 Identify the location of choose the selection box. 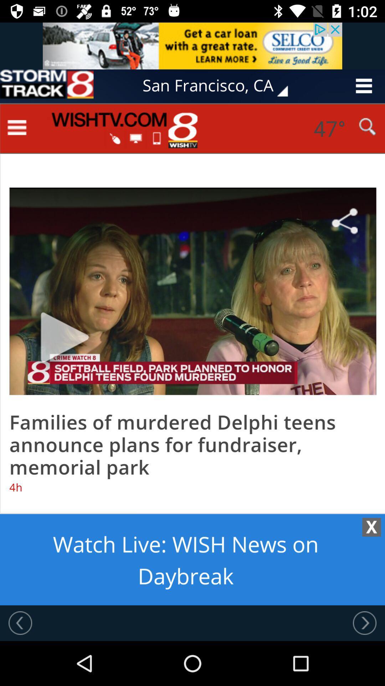
(47, 86).